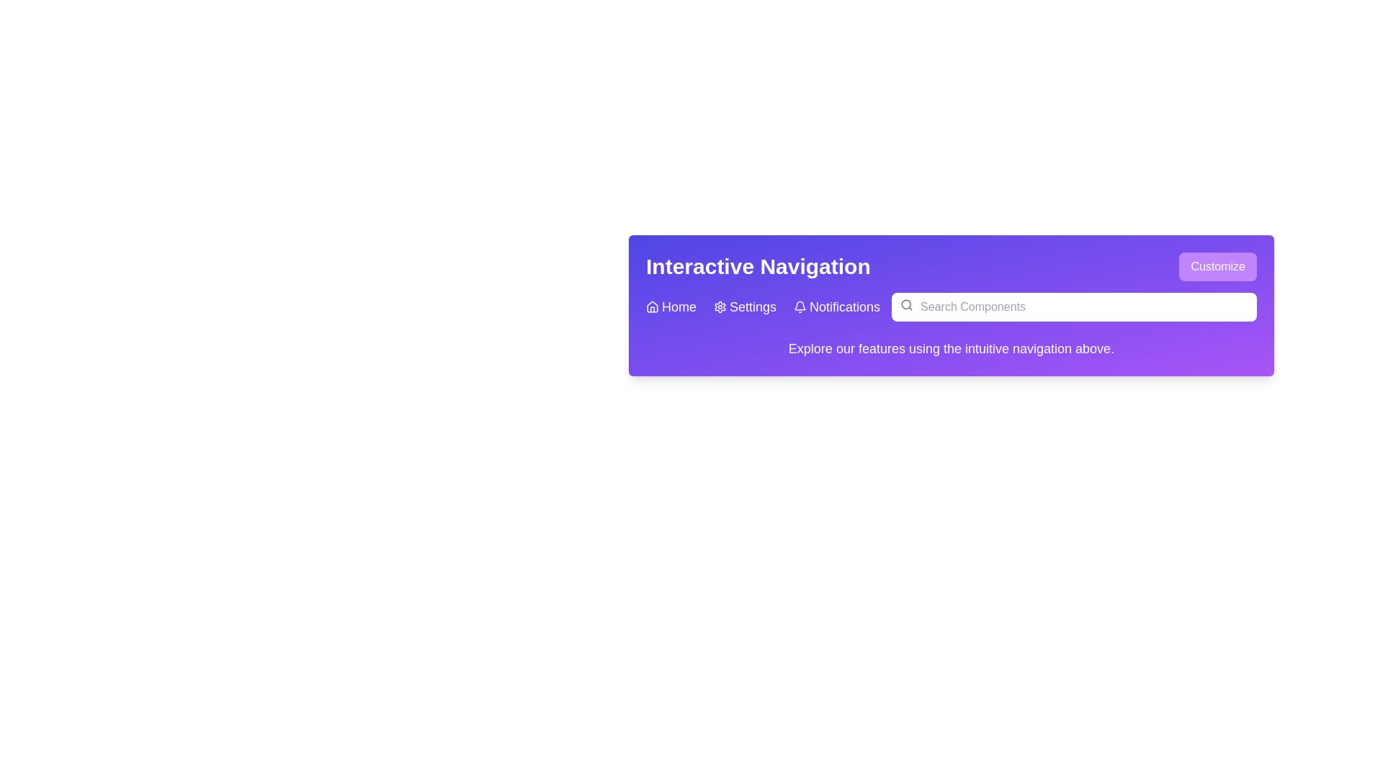 The image size is (1383, 777). Describe the element at coordinates (1217, 266) in the screenshot. I see `the 'Customize' button located in the top-right corner of the purple banner` at that location.